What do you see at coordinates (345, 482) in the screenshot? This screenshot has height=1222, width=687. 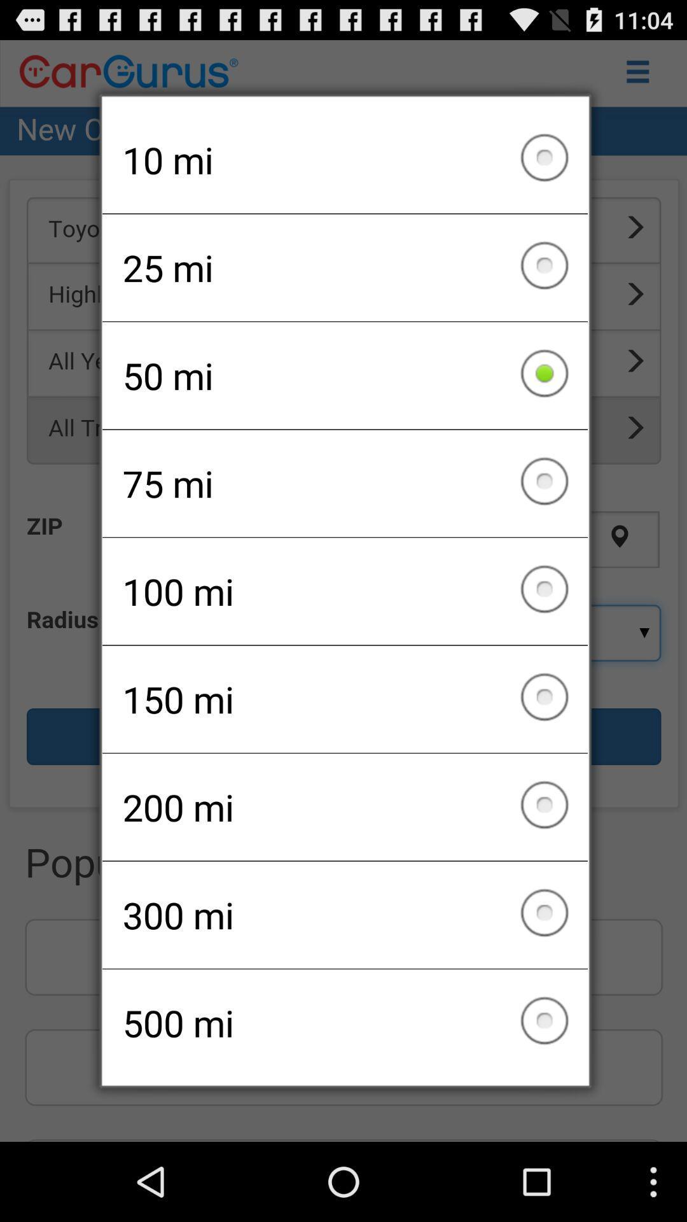 I see `the 75 mi item` at bounding box center [345, 482].